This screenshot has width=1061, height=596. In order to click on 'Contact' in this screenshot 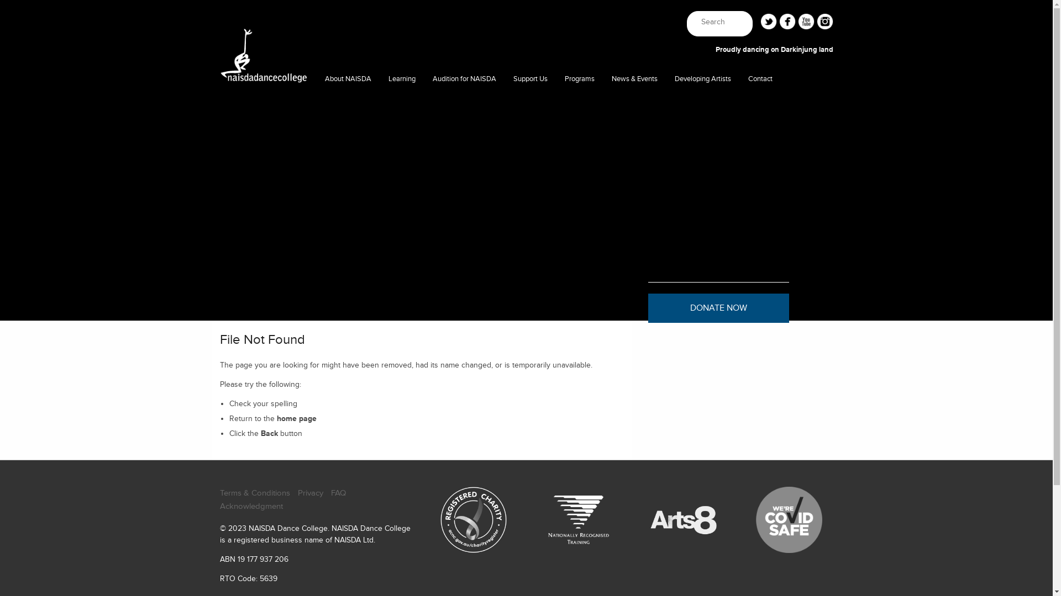, I will do `click(760, 102)`.